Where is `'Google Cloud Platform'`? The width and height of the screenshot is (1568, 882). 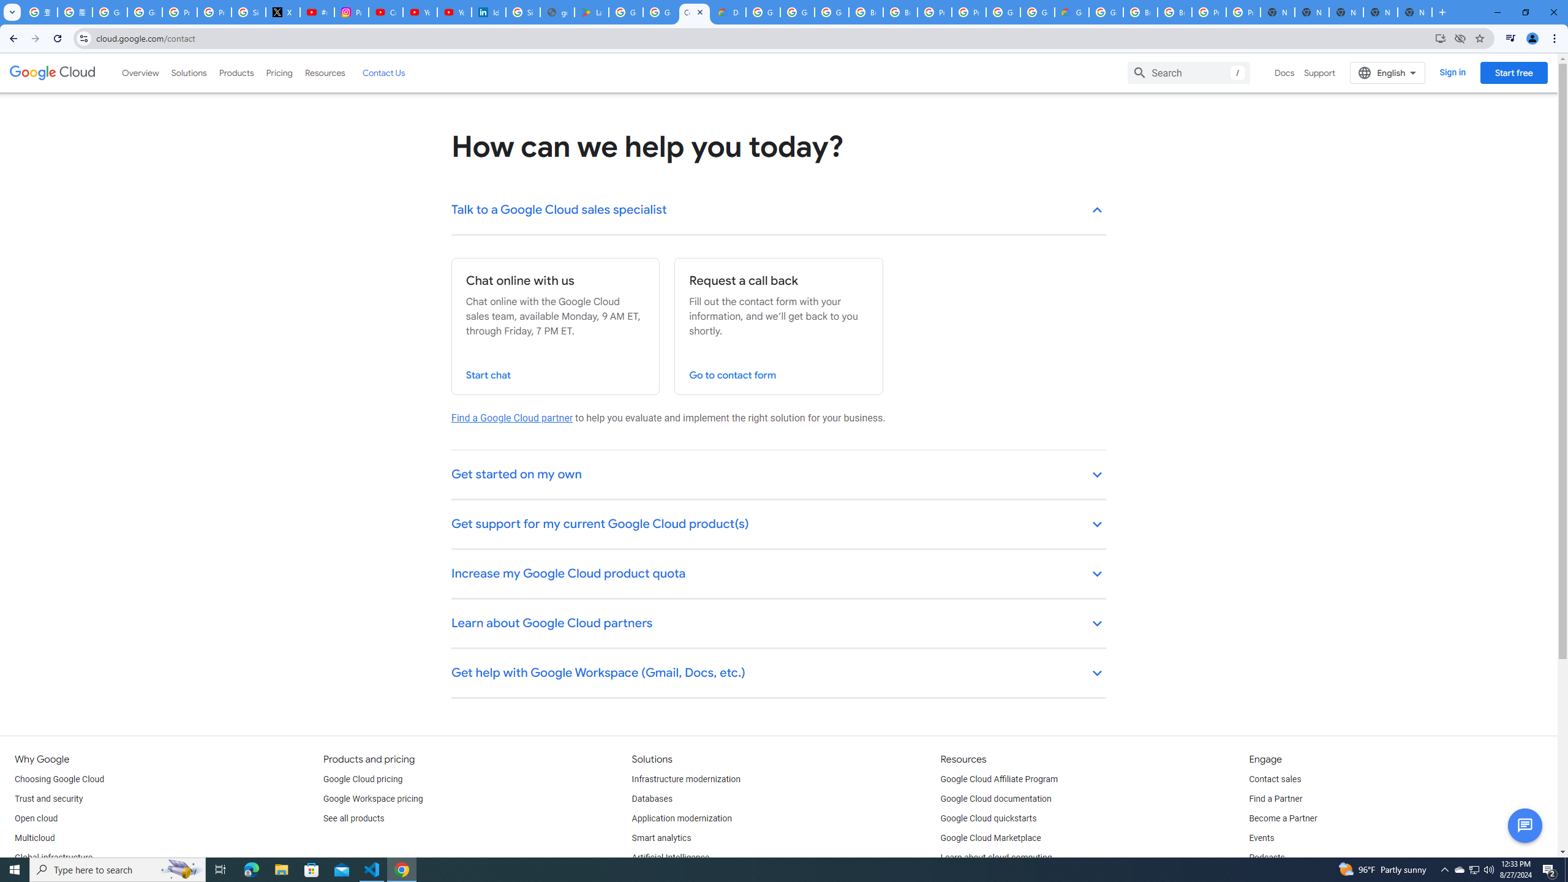 'Google Cloud Platform' is located at coordinates (1002, 12).